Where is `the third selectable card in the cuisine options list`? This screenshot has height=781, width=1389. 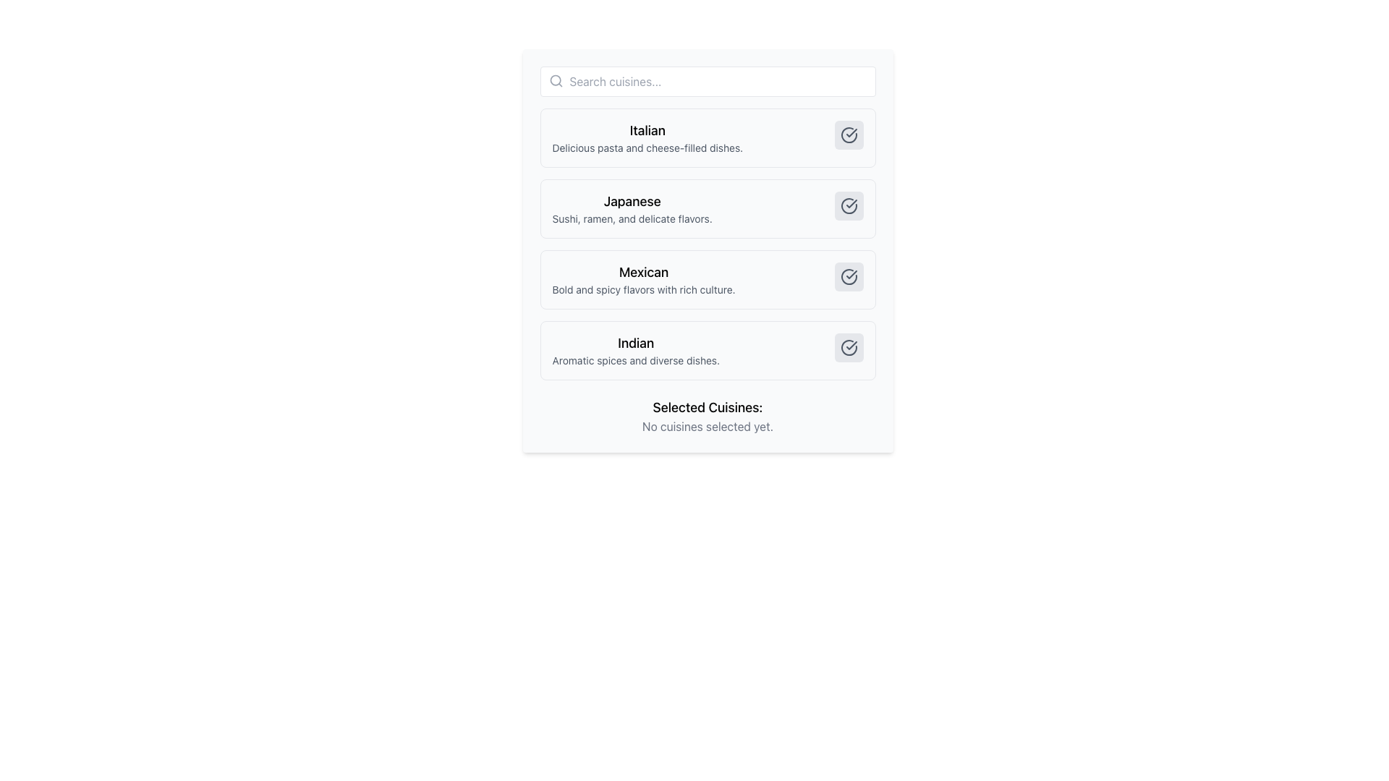 the third selectable card in the cuisine options list is located at coordinates (708, 279).